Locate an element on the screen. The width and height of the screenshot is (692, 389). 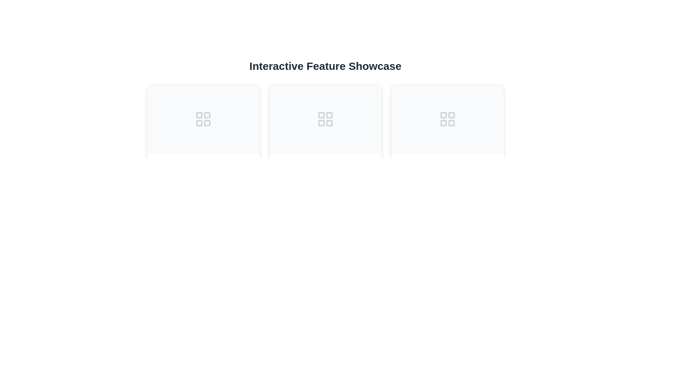
the appearance of the bottom-left square of the grid icon within the 'Interactive Feature Showcase' section is located at coordinates (199, 123).